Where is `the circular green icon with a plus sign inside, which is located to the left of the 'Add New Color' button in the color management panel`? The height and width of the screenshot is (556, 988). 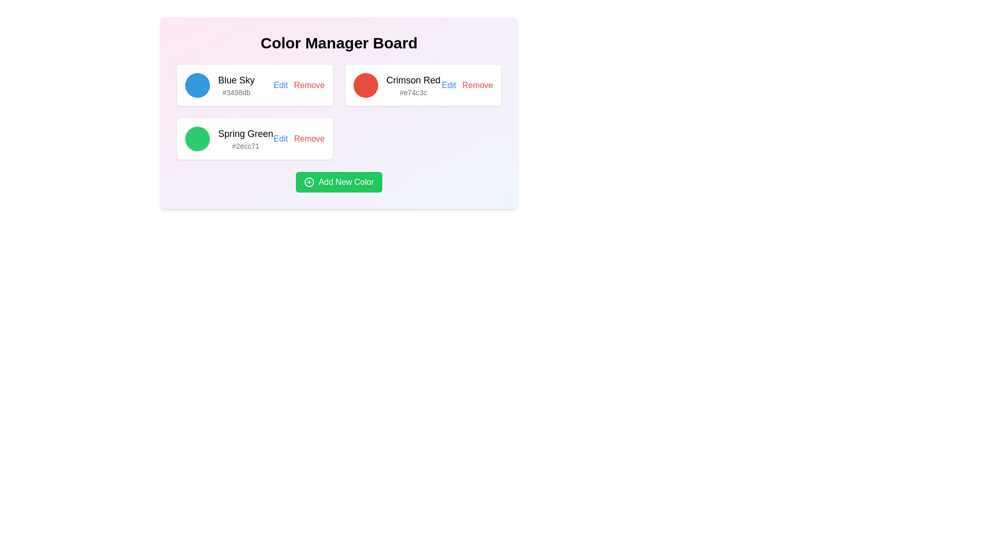 the circular green icon with a plus sign inside, which is located to the left of the 'Add New Color' button in the color management panel is located at coordinates (309, 182).